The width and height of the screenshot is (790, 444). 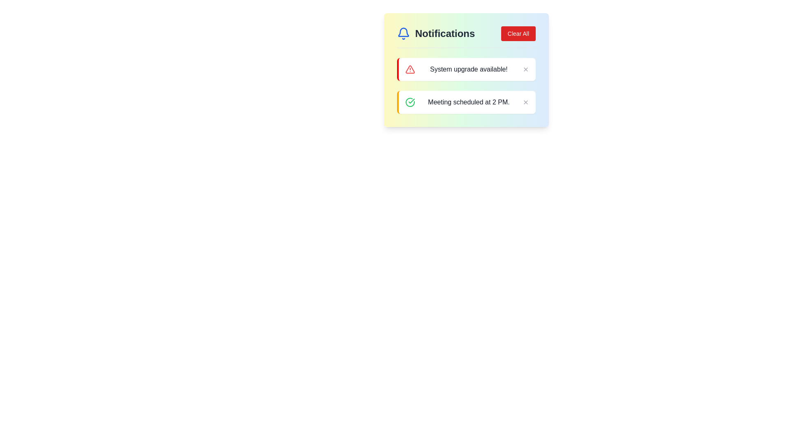 What do you see at coordinates (435, 33) in the screenshot?
I see `the 'Notifications' header element, which includes a bell icon and bold, dark gray text` at bounding box center [435, 33].